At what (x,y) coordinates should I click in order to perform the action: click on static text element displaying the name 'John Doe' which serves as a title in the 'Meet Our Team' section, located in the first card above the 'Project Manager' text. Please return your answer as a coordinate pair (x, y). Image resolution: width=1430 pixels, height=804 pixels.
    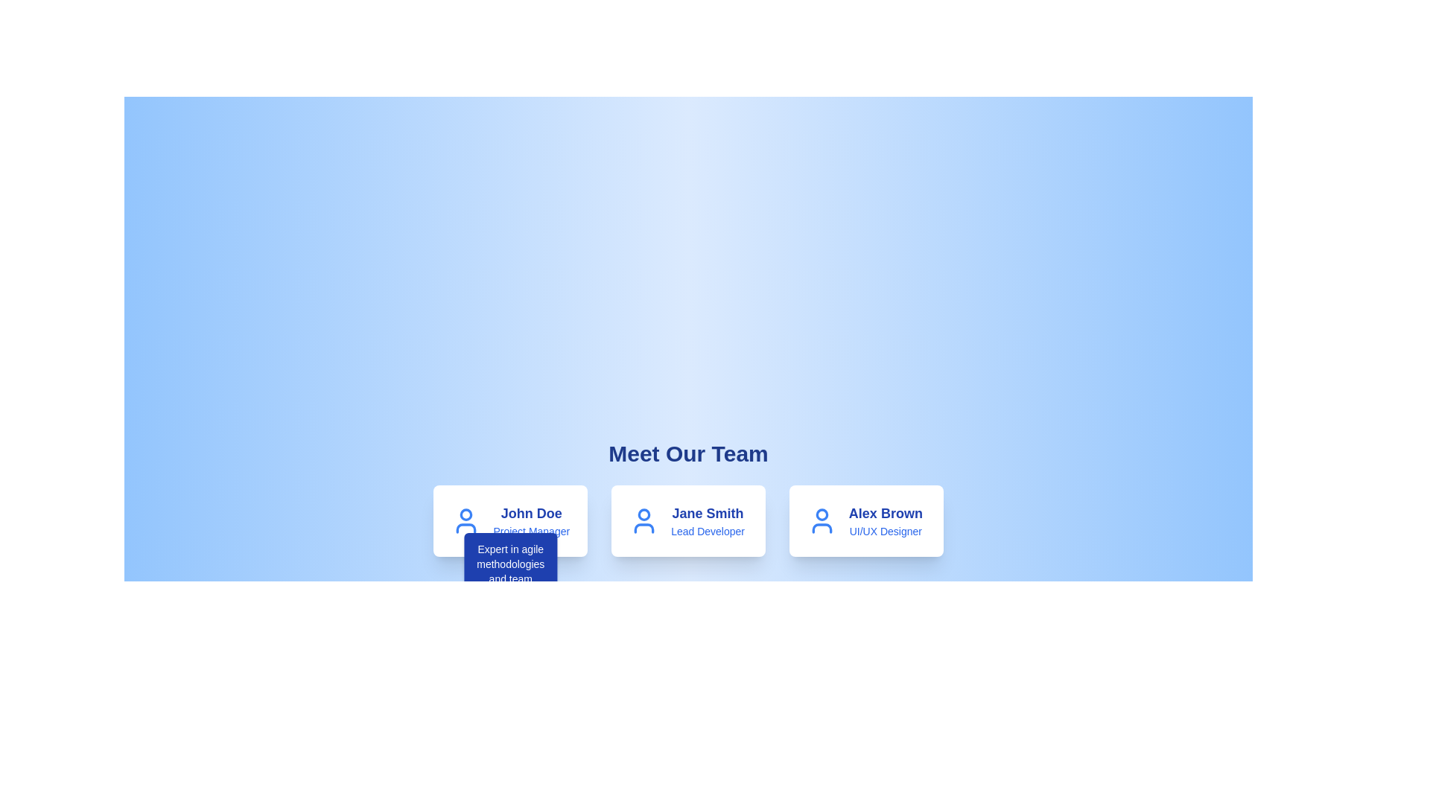
    Looking at the image, I should click on (531, 513).